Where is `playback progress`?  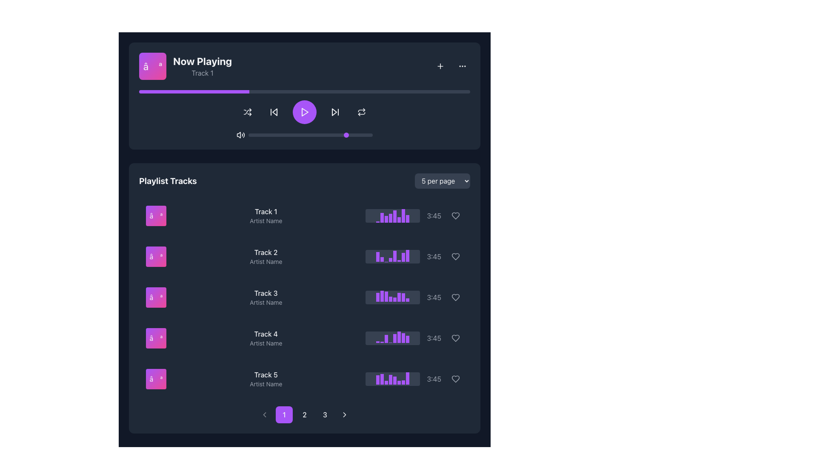
playback progress is located at coordinates (258, 92).